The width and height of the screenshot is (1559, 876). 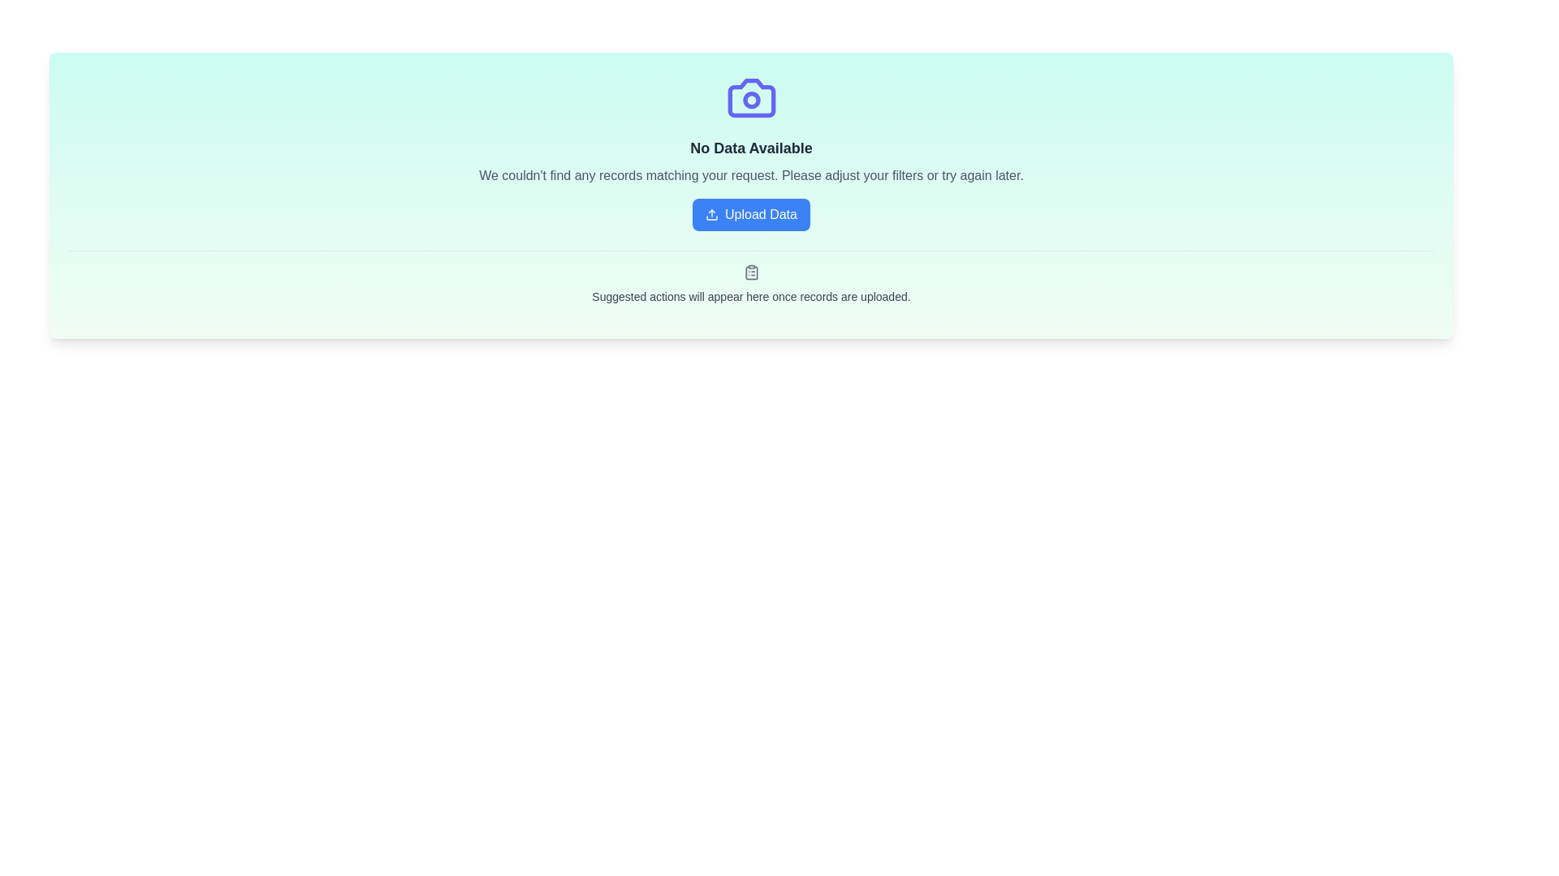 What do you see at coordinates (750, 214) in the screenshot?
I see `the button located below the message 'We couldn't find any records matching your request. Please adjust your filters or try again later.' and above the text 'Suggested actions will appear here once records are uploaded.'` at bounding box center [750, 214].